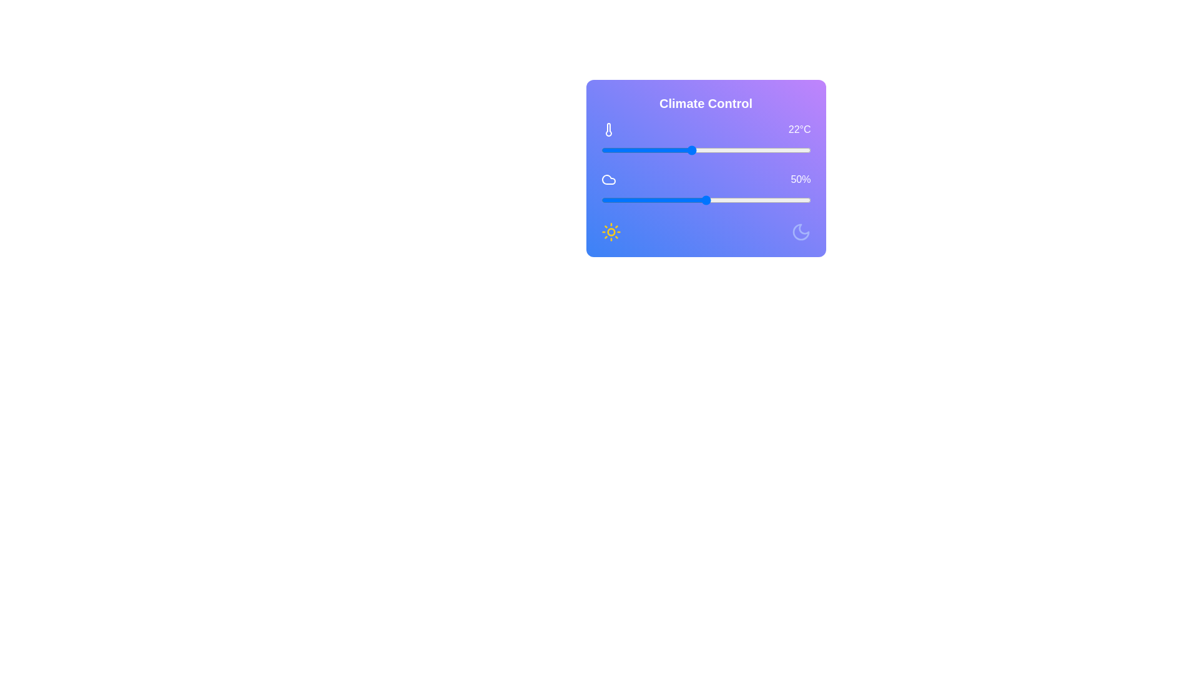 The image size is (1199, 674). What do you see at coordinates (611, 232) in the screenshot?
I see `the small yellow circular component at the center of the sun-like icon located in the lower-left corner of the 'Climate Control' panel` at bounding box center [611, 232].